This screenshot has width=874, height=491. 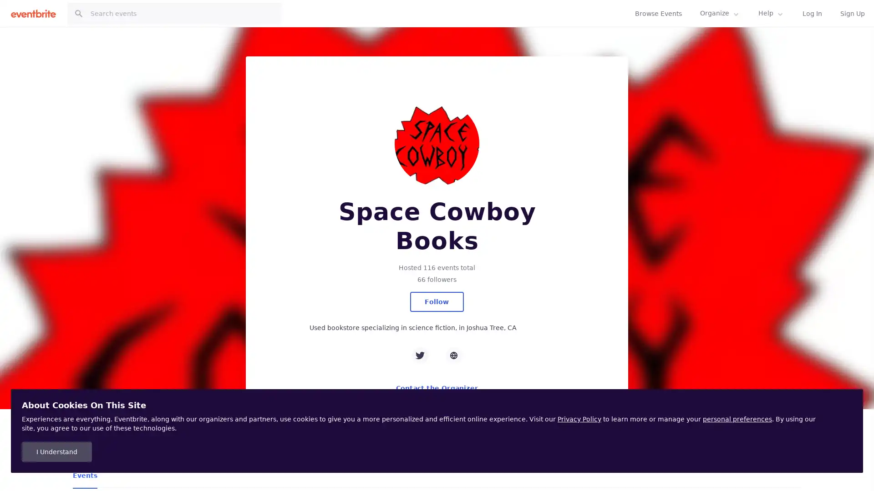 What do you see at coordinates (56, 452) in the screenshot?
I see `I Understand` at bounding box center [56, 452].